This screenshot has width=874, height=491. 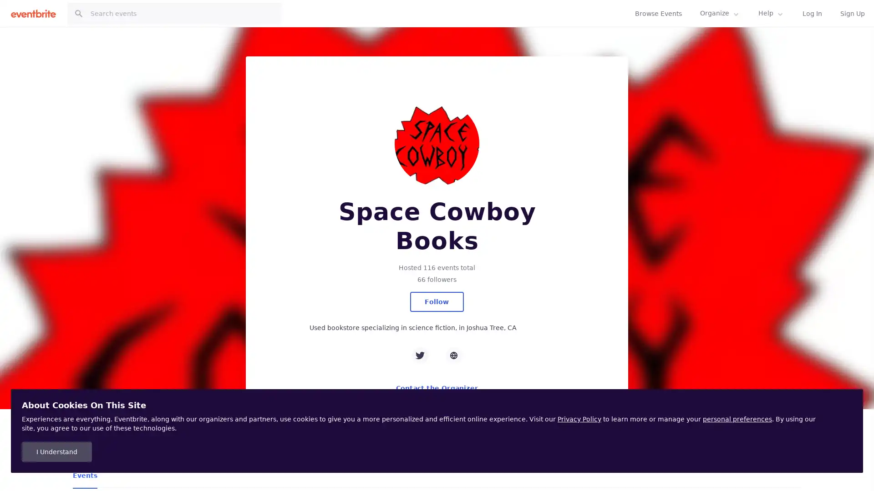 What do you see at coordinates (56, 452) in the screenshot?
I see `I Understand` at bounding box center [56, 452].